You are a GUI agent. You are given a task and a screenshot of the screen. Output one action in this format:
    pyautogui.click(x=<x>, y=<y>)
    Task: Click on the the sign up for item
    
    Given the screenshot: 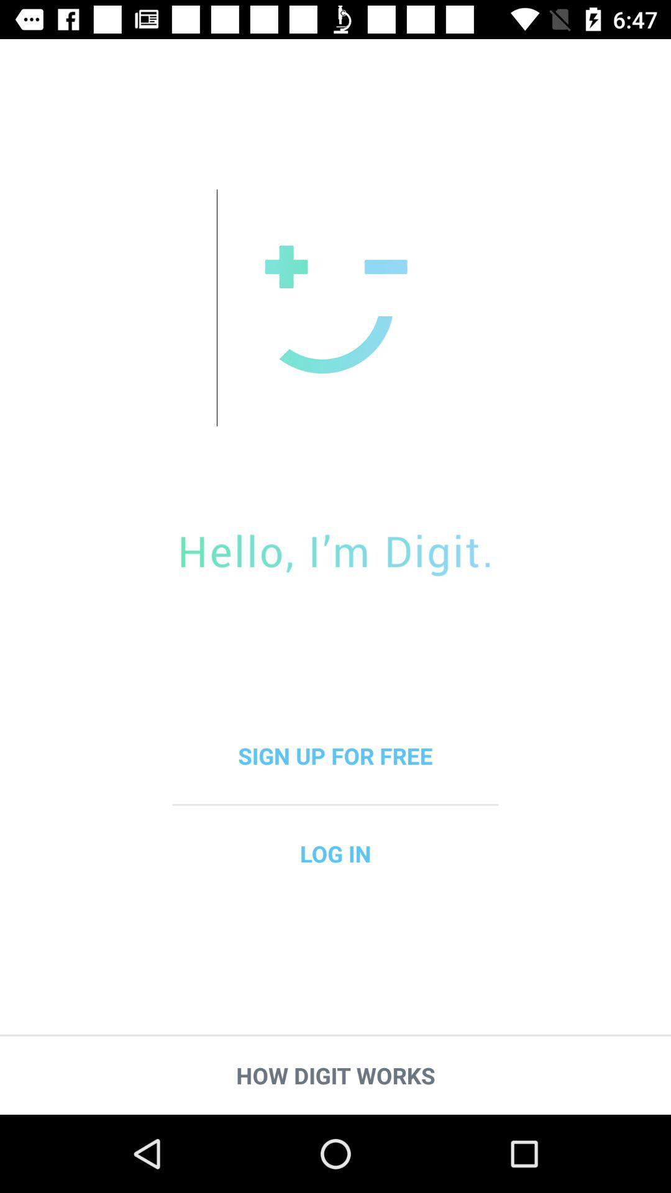 What is the action you would take?
    pyautogui.click(x=335, y=755)
    